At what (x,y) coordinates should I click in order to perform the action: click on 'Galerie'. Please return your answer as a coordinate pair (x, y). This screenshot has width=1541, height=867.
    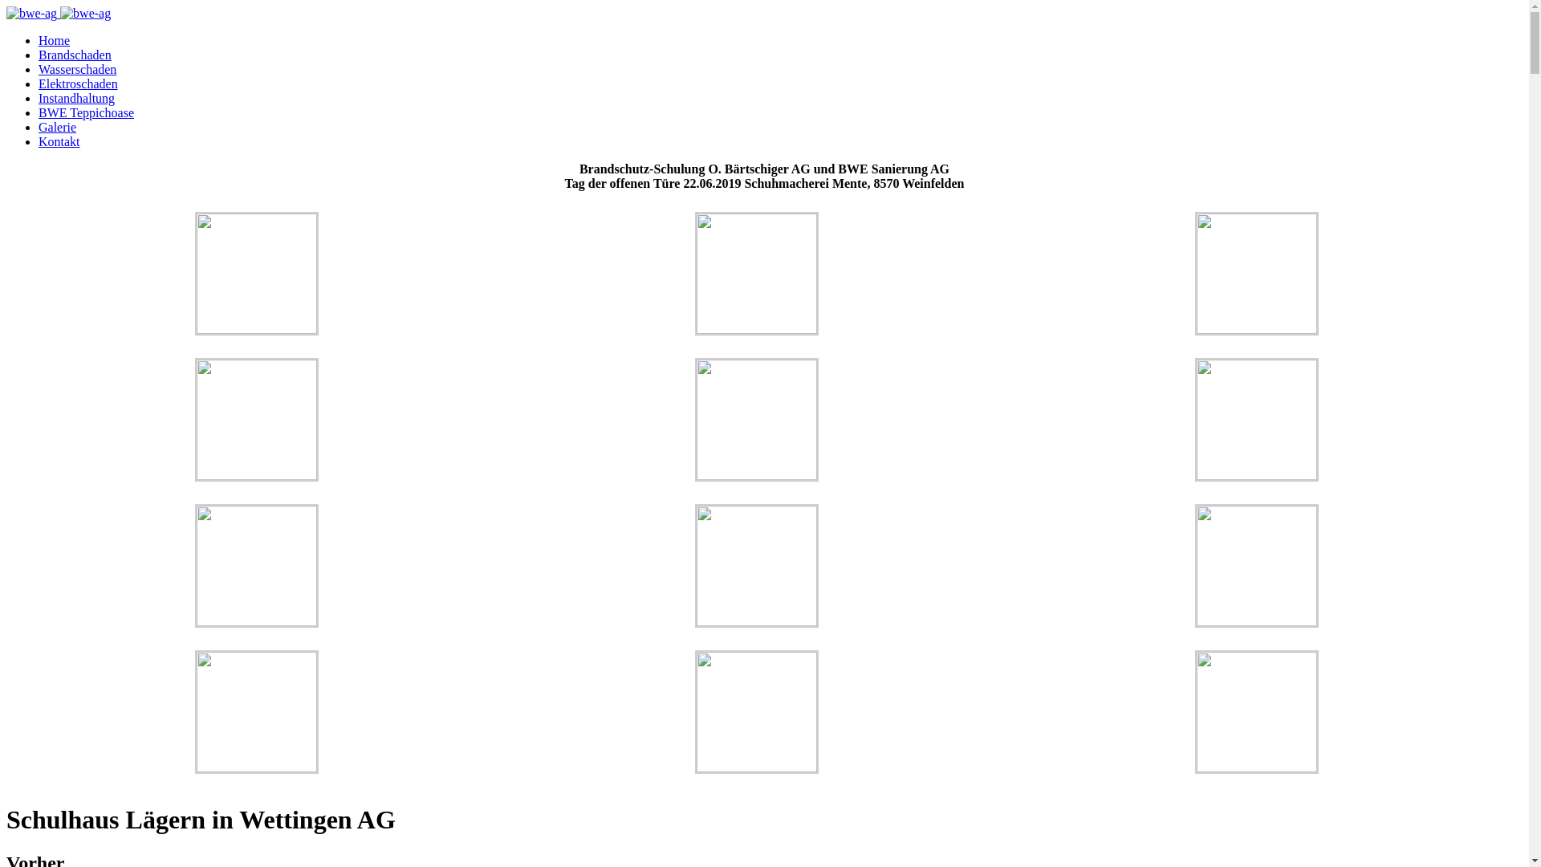
    Looking at the image, I should click on (57, 126).